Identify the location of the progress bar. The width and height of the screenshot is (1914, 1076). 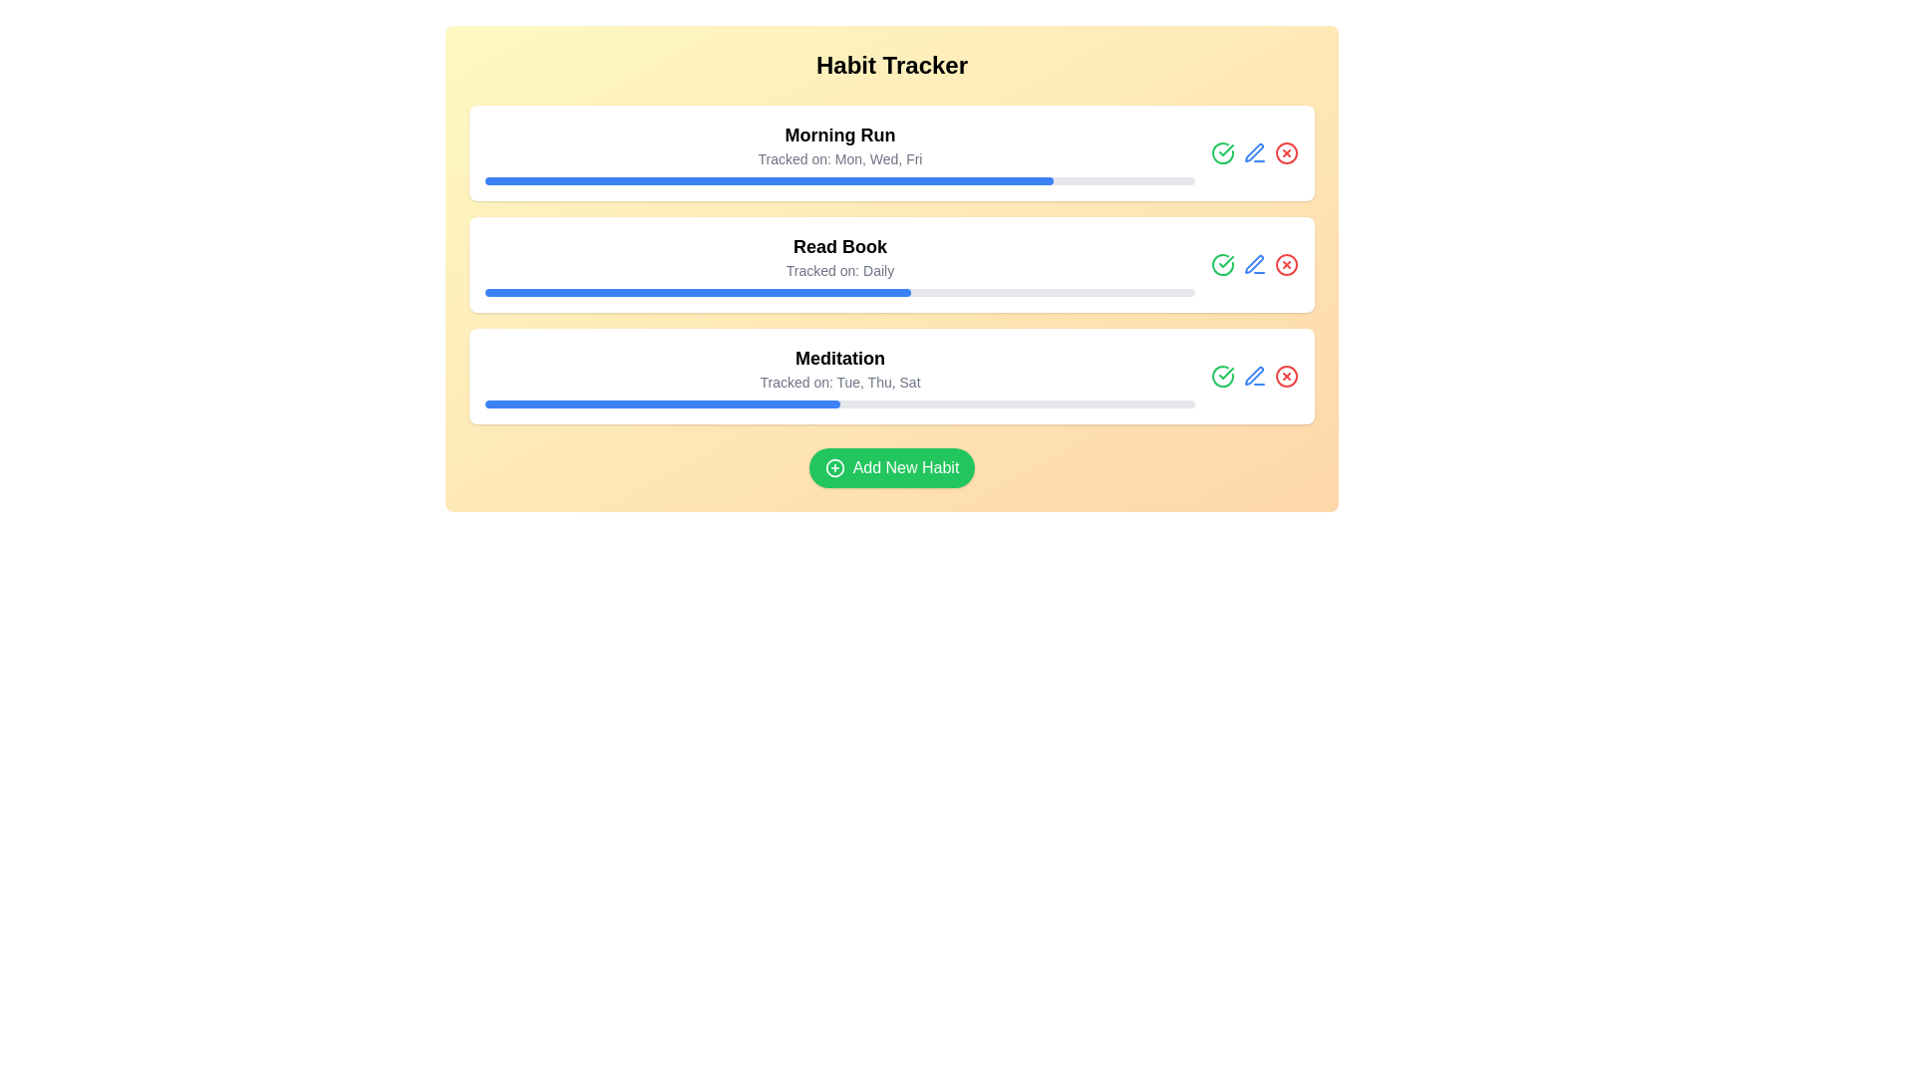
(711, 292).